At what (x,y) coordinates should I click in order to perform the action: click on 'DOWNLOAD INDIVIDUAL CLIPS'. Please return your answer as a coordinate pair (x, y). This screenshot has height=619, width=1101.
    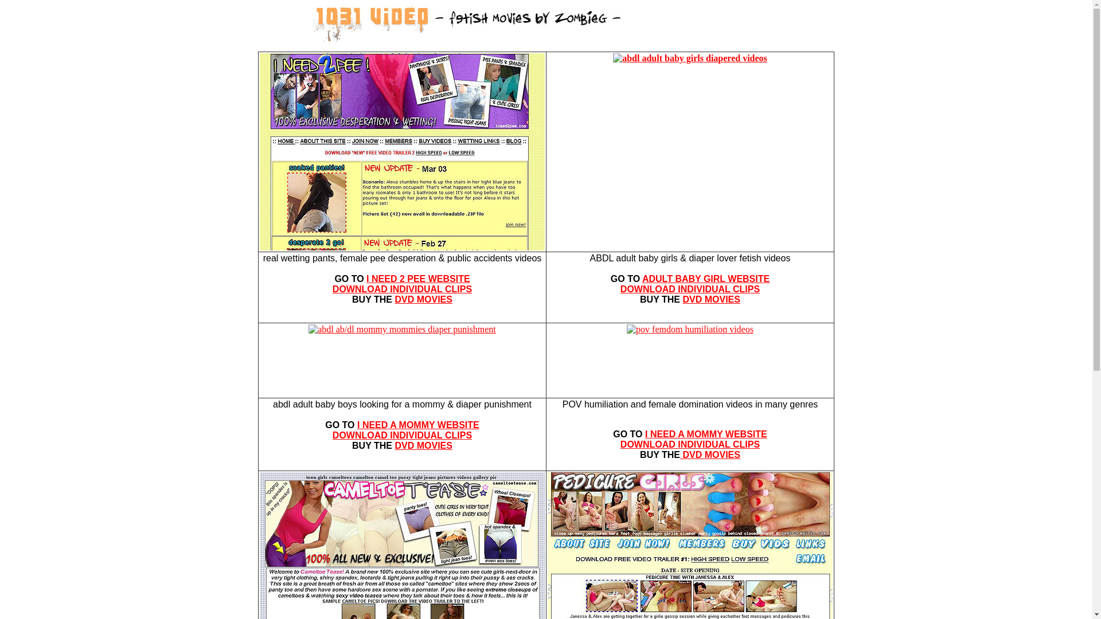
    Looking at the image, I should click on (402, 435).